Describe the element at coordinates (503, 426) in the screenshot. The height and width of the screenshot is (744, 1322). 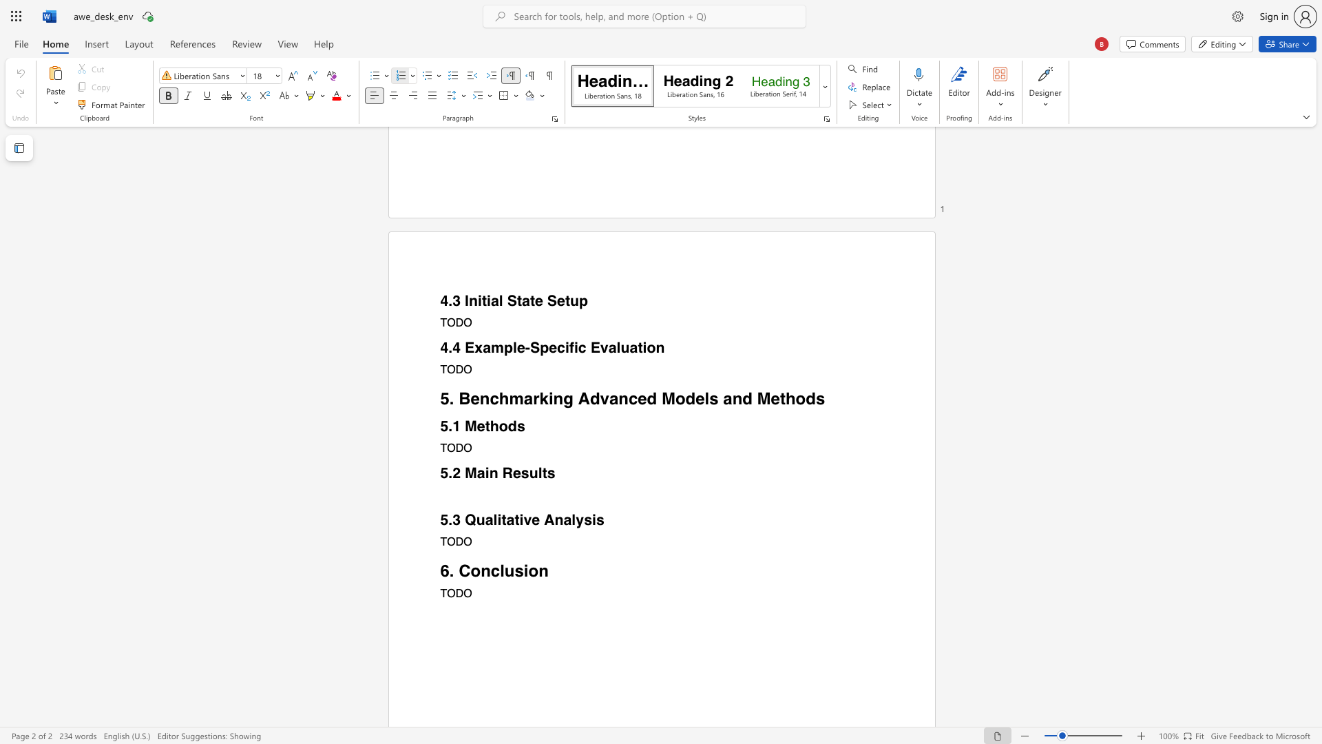
I see `the 1th character "o" in the text` at that location.